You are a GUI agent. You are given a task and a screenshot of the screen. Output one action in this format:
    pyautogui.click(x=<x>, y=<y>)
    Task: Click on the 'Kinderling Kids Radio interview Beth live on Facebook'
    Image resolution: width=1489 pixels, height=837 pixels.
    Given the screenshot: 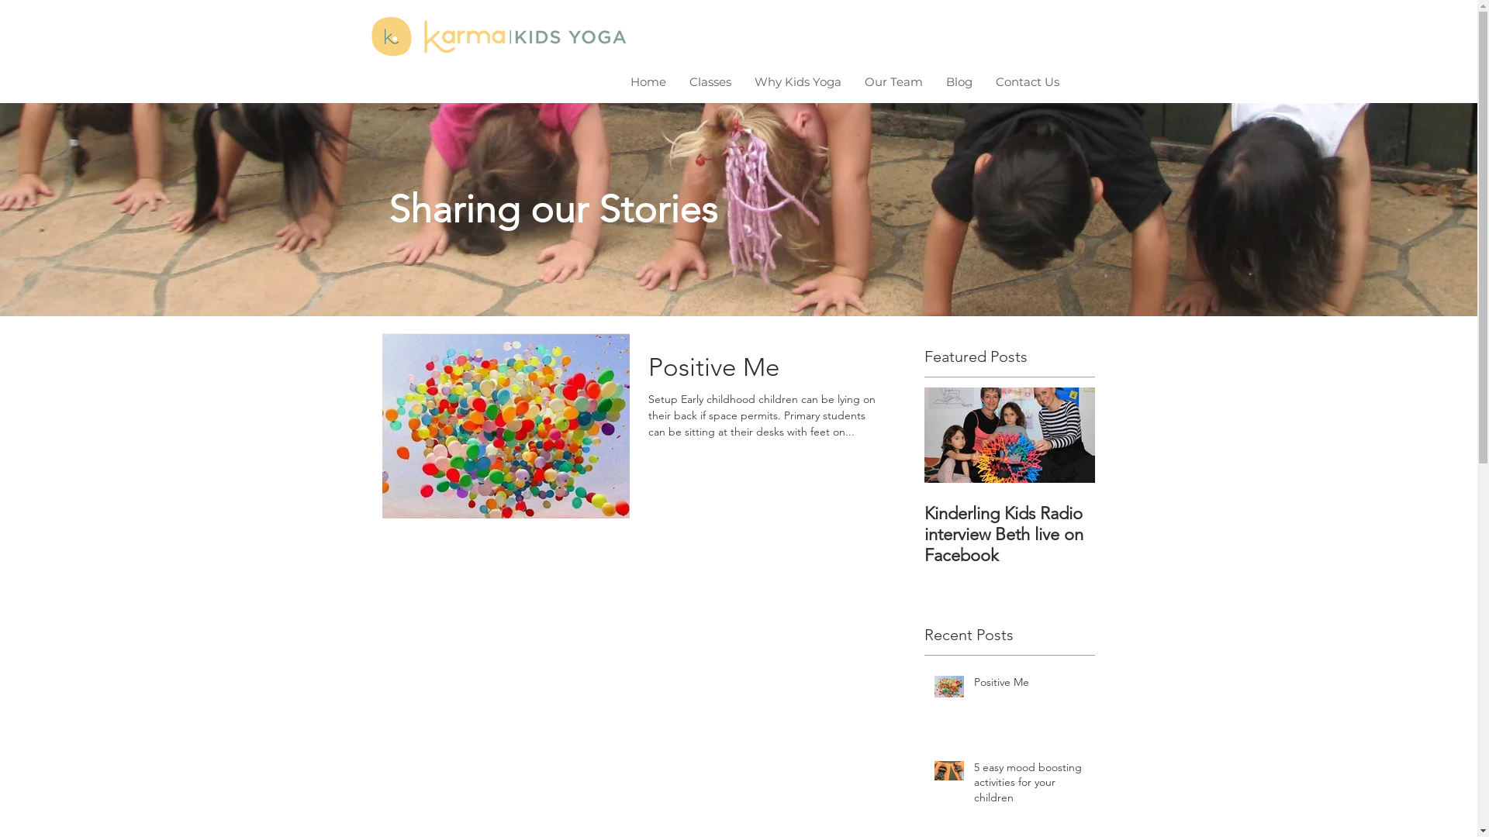 What is the action you would take?
    pyautogui.click(x=924, y=533)
    